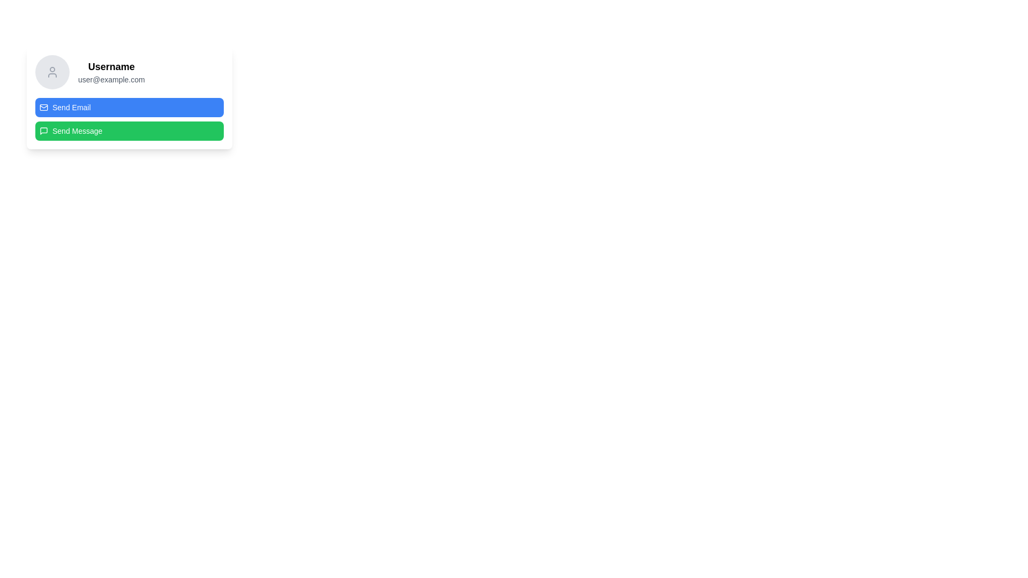 The image size is (1028, 578). What do you see at coordinates (43, 107) in the screenshot?
I see `the small envelope icon within the 'Send Email' button located at the top-left corner of the button` at bounding box center [43, 107].